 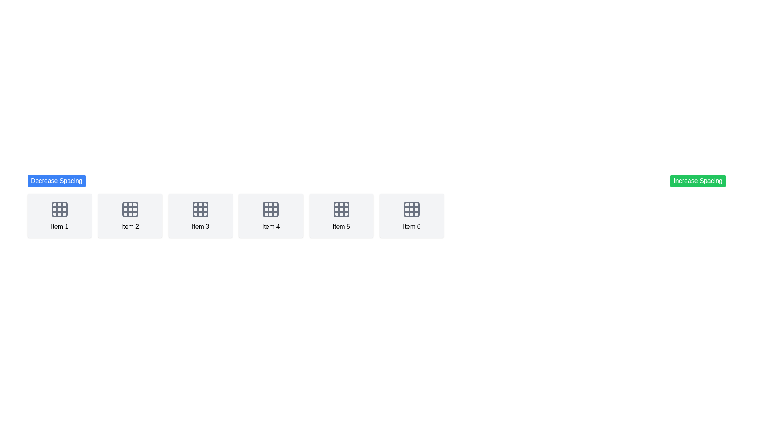 I want to click on the grid icon representing 'Item 3', which is the third element in a horizontal row of items against a light gray background, so click(x=201, y=209).